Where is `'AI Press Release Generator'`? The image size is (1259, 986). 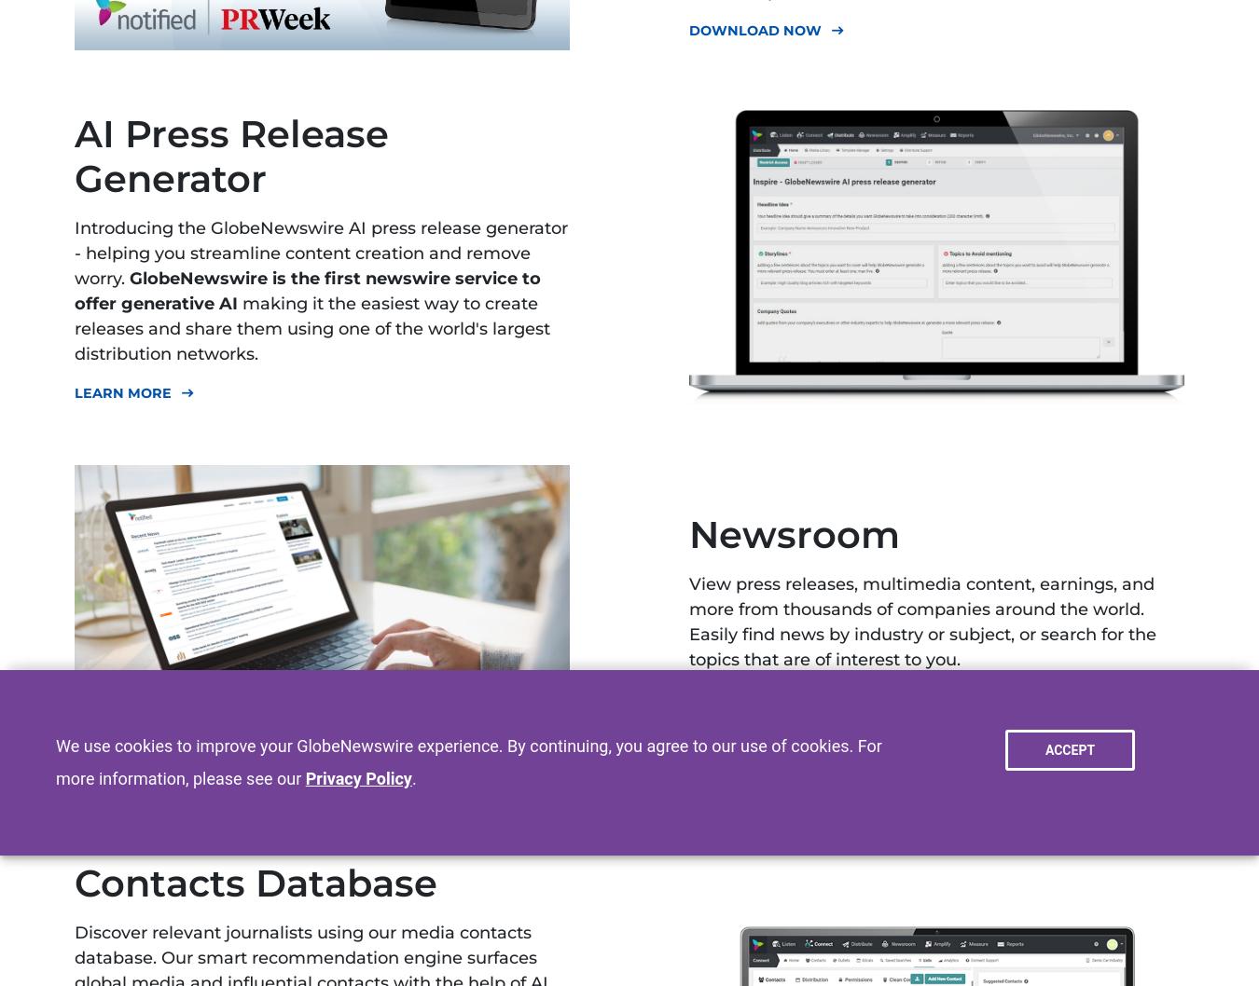 'AI Press Release Generator' is located at coordinates (230, 154).